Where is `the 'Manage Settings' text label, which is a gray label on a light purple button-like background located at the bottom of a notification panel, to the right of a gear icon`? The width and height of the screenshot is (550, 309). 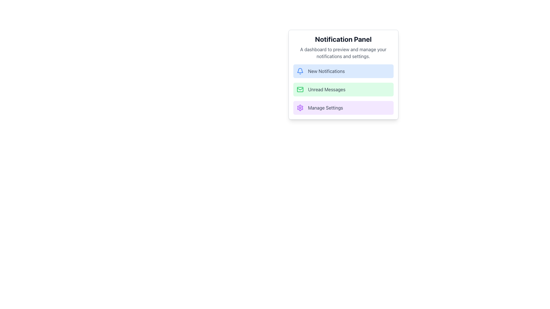
the 'Manage Settings' text label, which is a gray label on a light purple button-like background located at the bottom of a notification panel, to the right of a gear icon is located at coordinates (325, 108).